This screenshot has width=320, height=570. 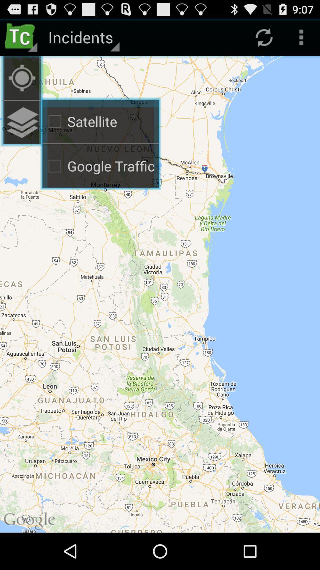 I want to click on the satellite item, so click(x=100, y=121).